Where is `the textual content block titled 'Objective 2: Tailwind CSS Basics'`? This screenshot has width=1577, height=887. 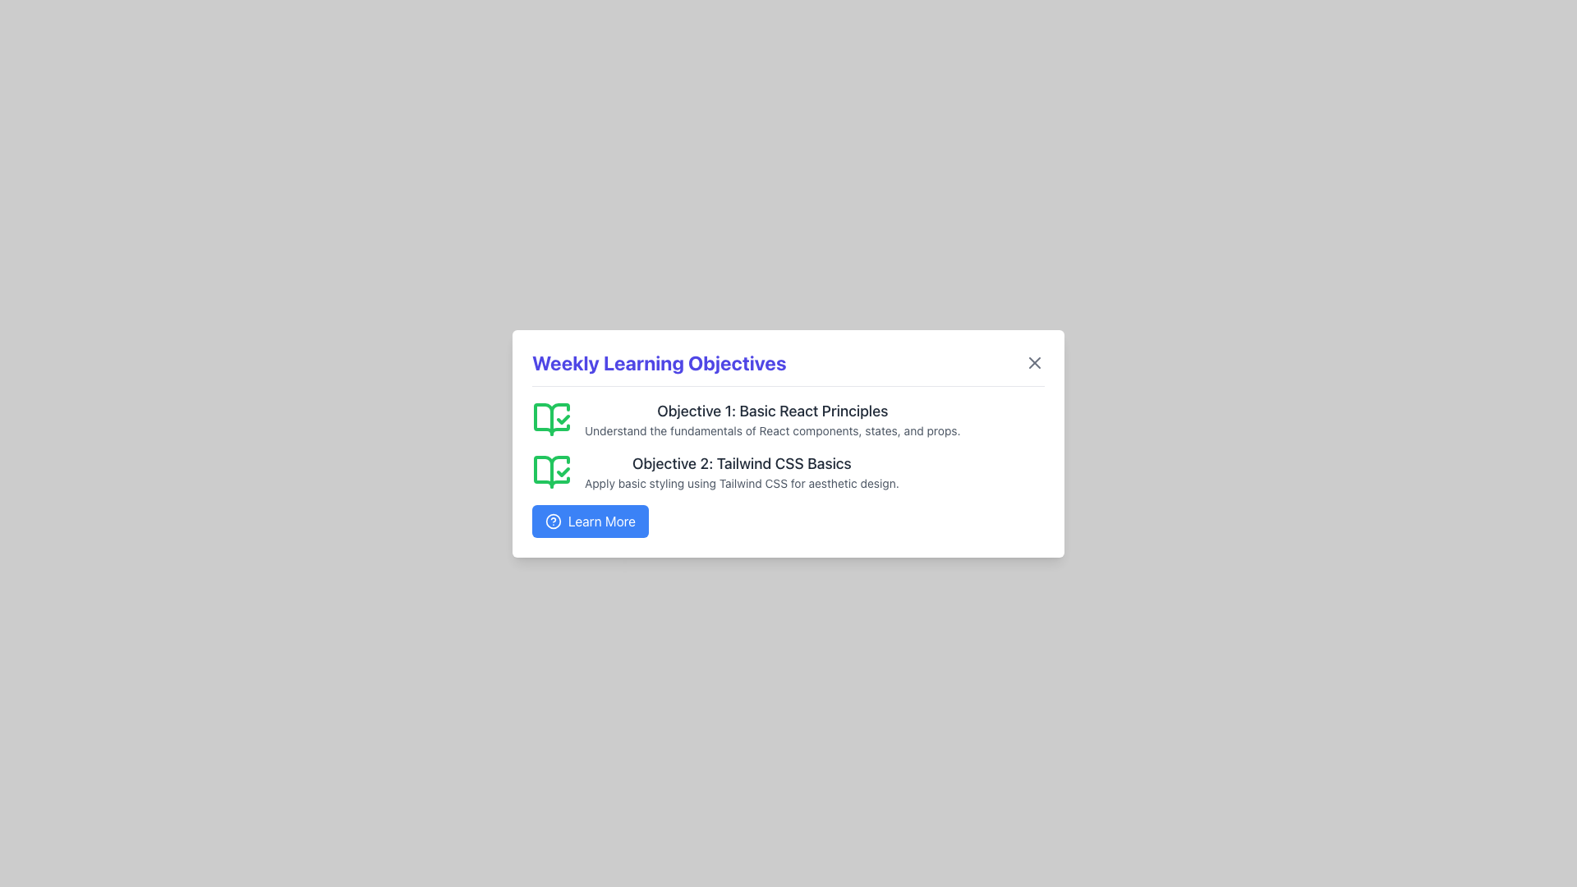 the textual content block titled 'Objective 2: Tailwind CSS Basics' is located at coordinates (741, 471).